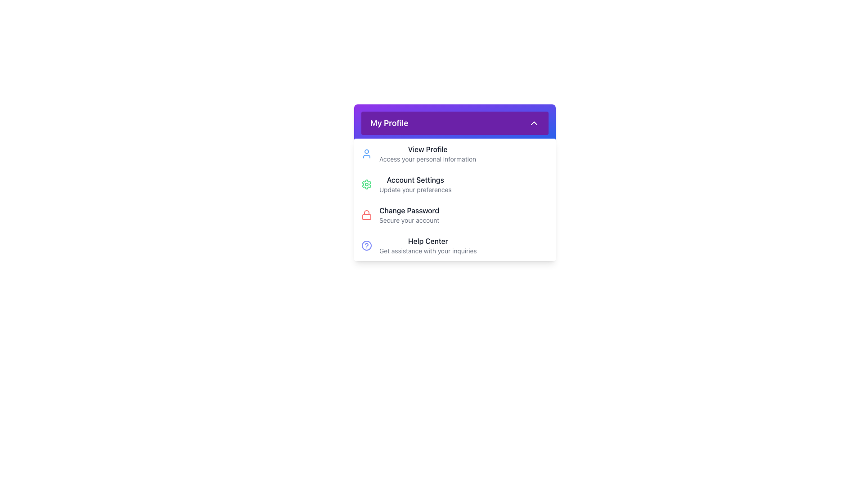 This screenshot has height=486, width=864. I want to click on the decorative element inside the red lock icon next to the 'Change Password' option in the vertical menu under 'My Profile', so click(367, 217).